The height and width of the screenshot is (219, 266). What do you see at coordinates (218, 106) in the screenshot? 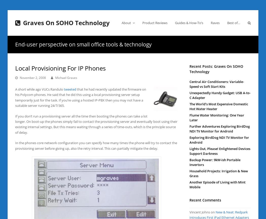
I see `'The World’s Most Expensive Domestic Hot Water Heater'` at bounding box center [218, 106].